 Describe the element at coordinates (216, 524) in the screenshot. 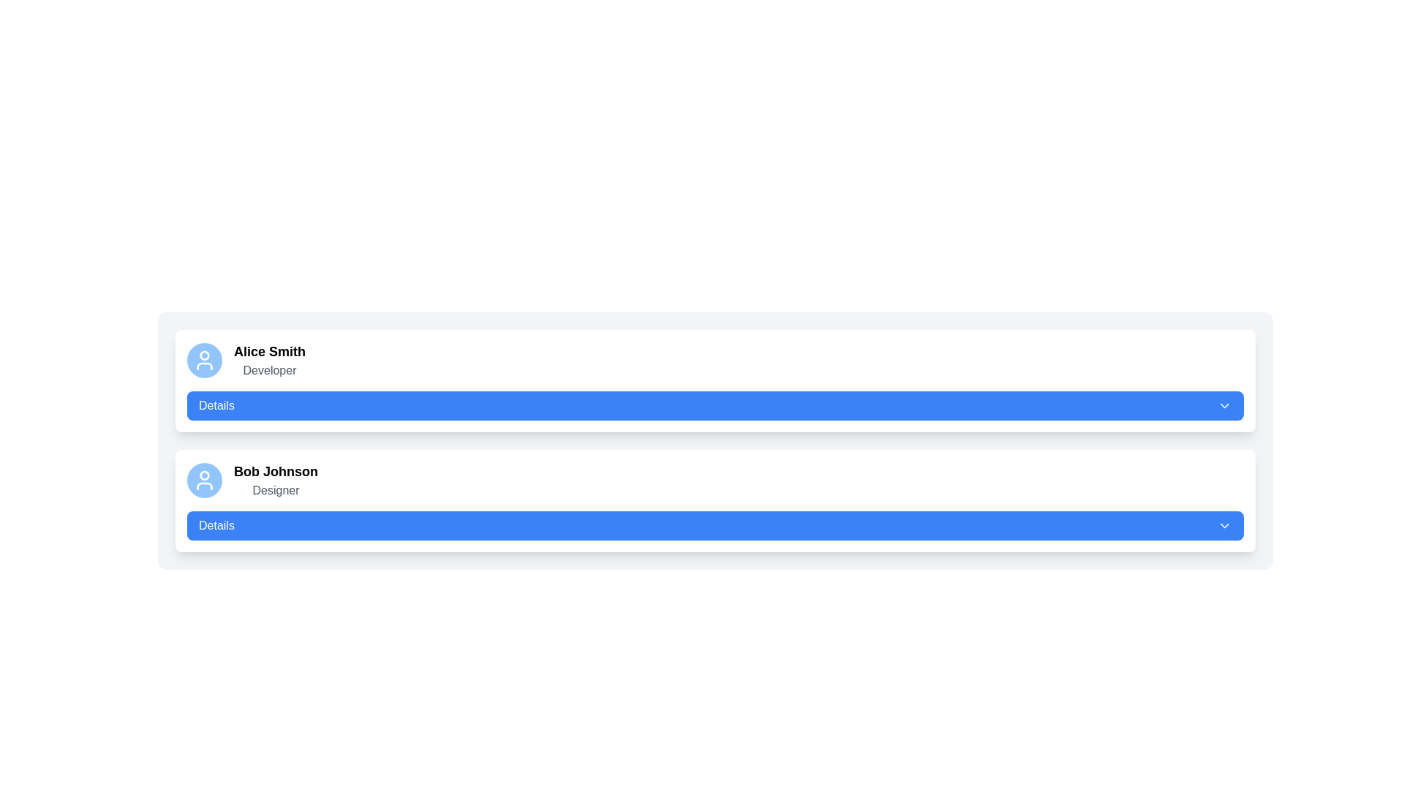

I see `text of the label displaying 'Details' located inside the blue button beneath the circular avatar and name 'Bob Johnson'` at that location.